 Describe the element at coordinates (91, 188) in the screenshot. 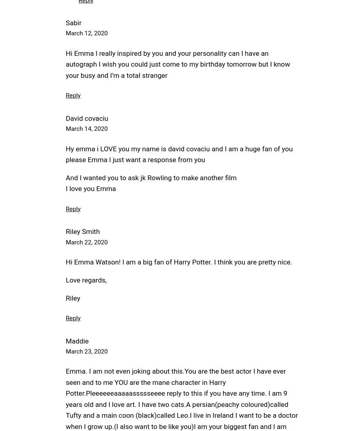

I see `'I love you Emma'` at that location.